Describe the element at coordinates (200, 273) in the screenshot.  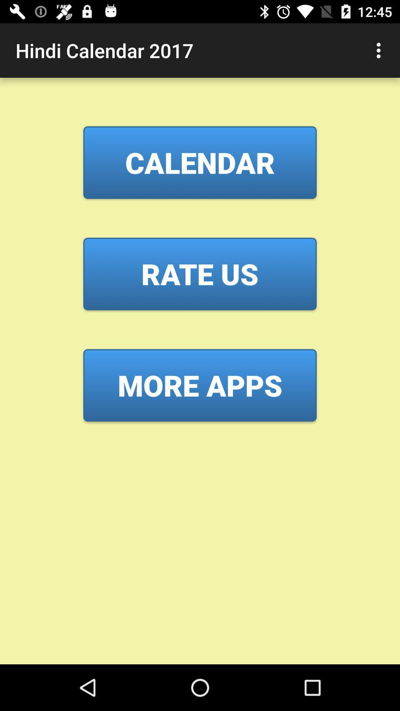
I see `the item below calendar item` at that location.